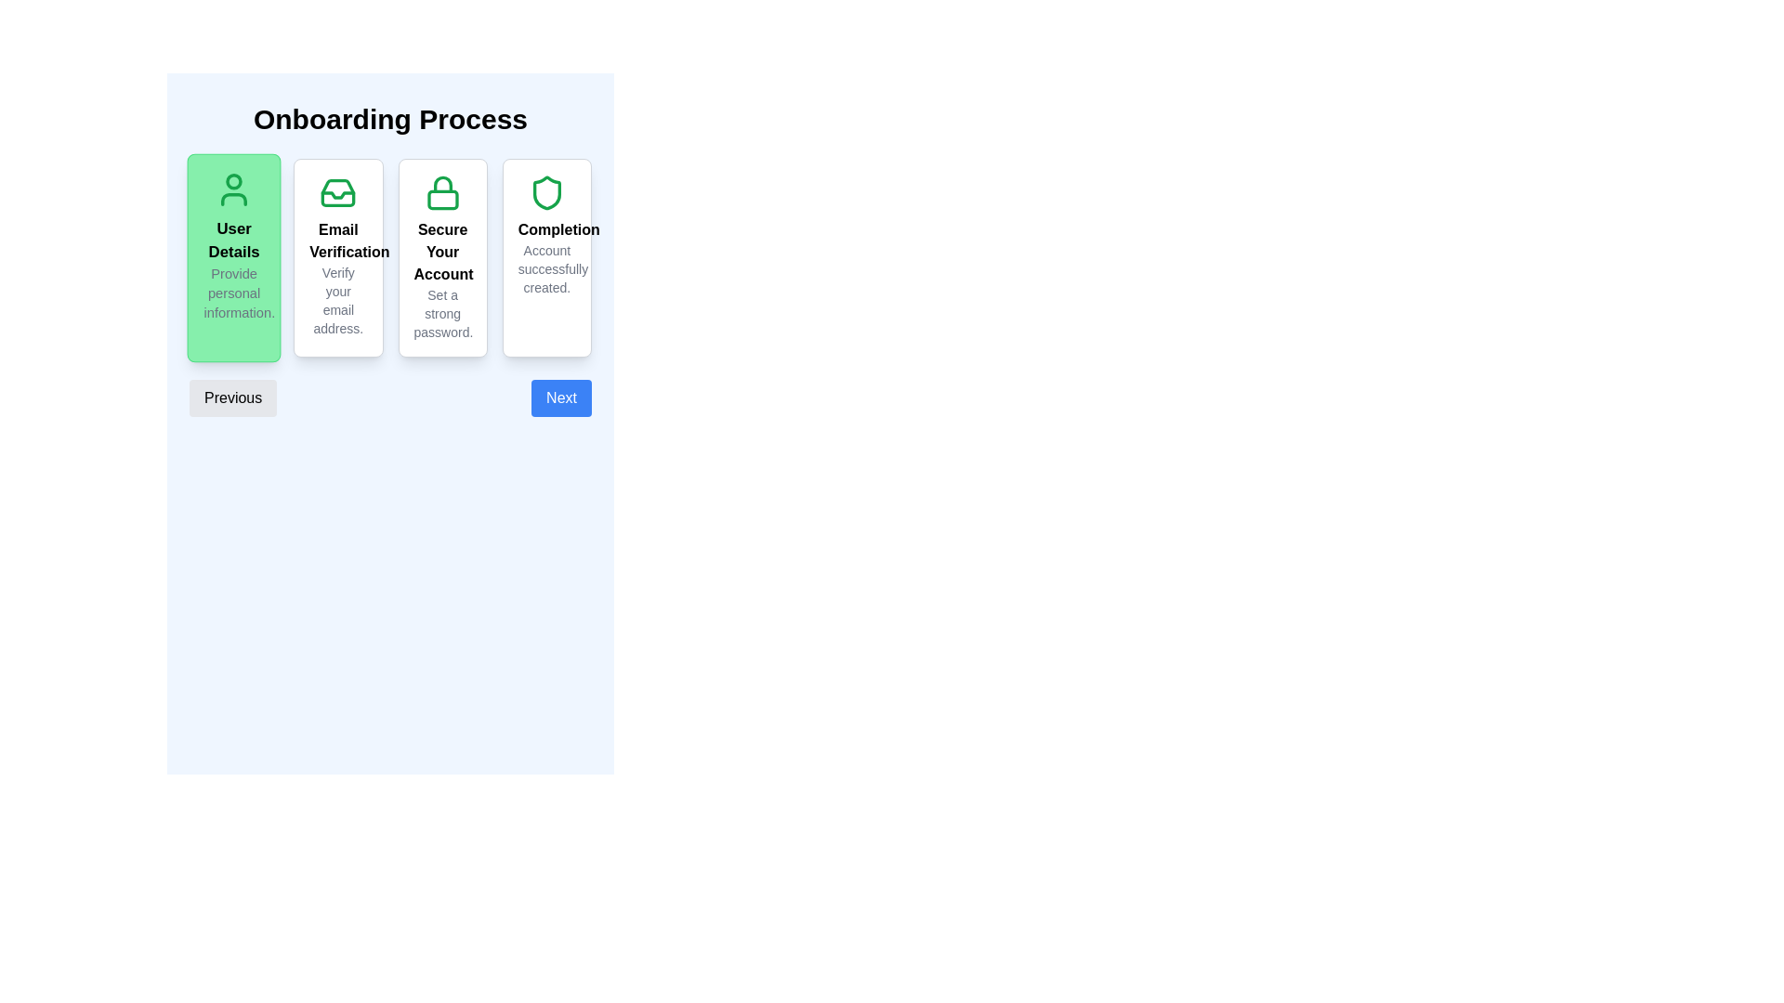 The width and height of the screenshot is (1784, 1003). Describe the element at coordinates (545, 193) in the screenshot. I see `the shield icon outlined in green, which is centered within the 'Completion' card in the fourth step of the onboarding process` at that location.